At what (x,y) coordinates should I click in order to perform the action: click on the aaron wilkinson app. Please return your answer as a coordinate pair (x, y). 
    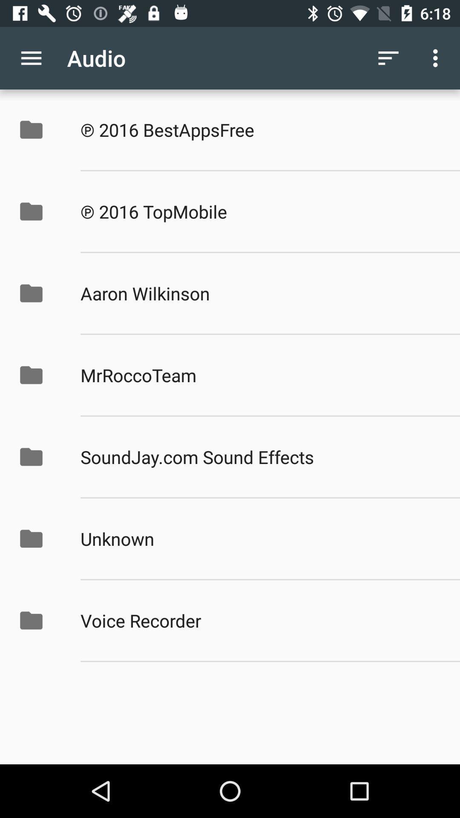
    Looking at the image, I should click on (261, 293).